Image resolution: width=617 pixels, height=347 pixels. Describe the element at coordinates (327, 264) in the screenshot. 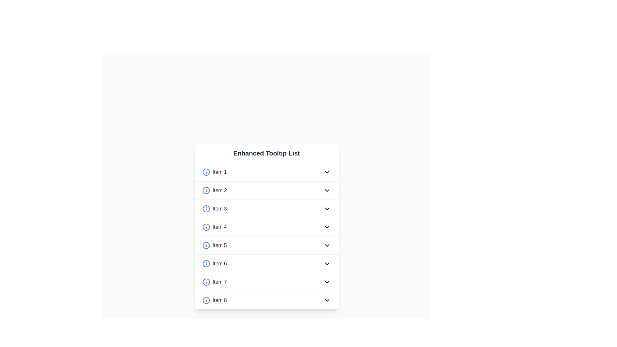

I see `the expandable/collapsible button for 'Item 6'` at that location.